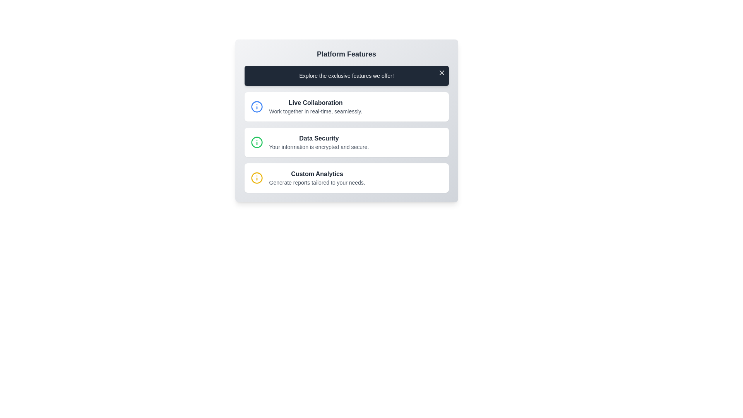 The image size is (743, 418). What do you see at coordinates (442, 73) in the screenshot?
I see `the close icon located at the top-right corner of the dark rectangular banner` at bounding box center [442, 73].